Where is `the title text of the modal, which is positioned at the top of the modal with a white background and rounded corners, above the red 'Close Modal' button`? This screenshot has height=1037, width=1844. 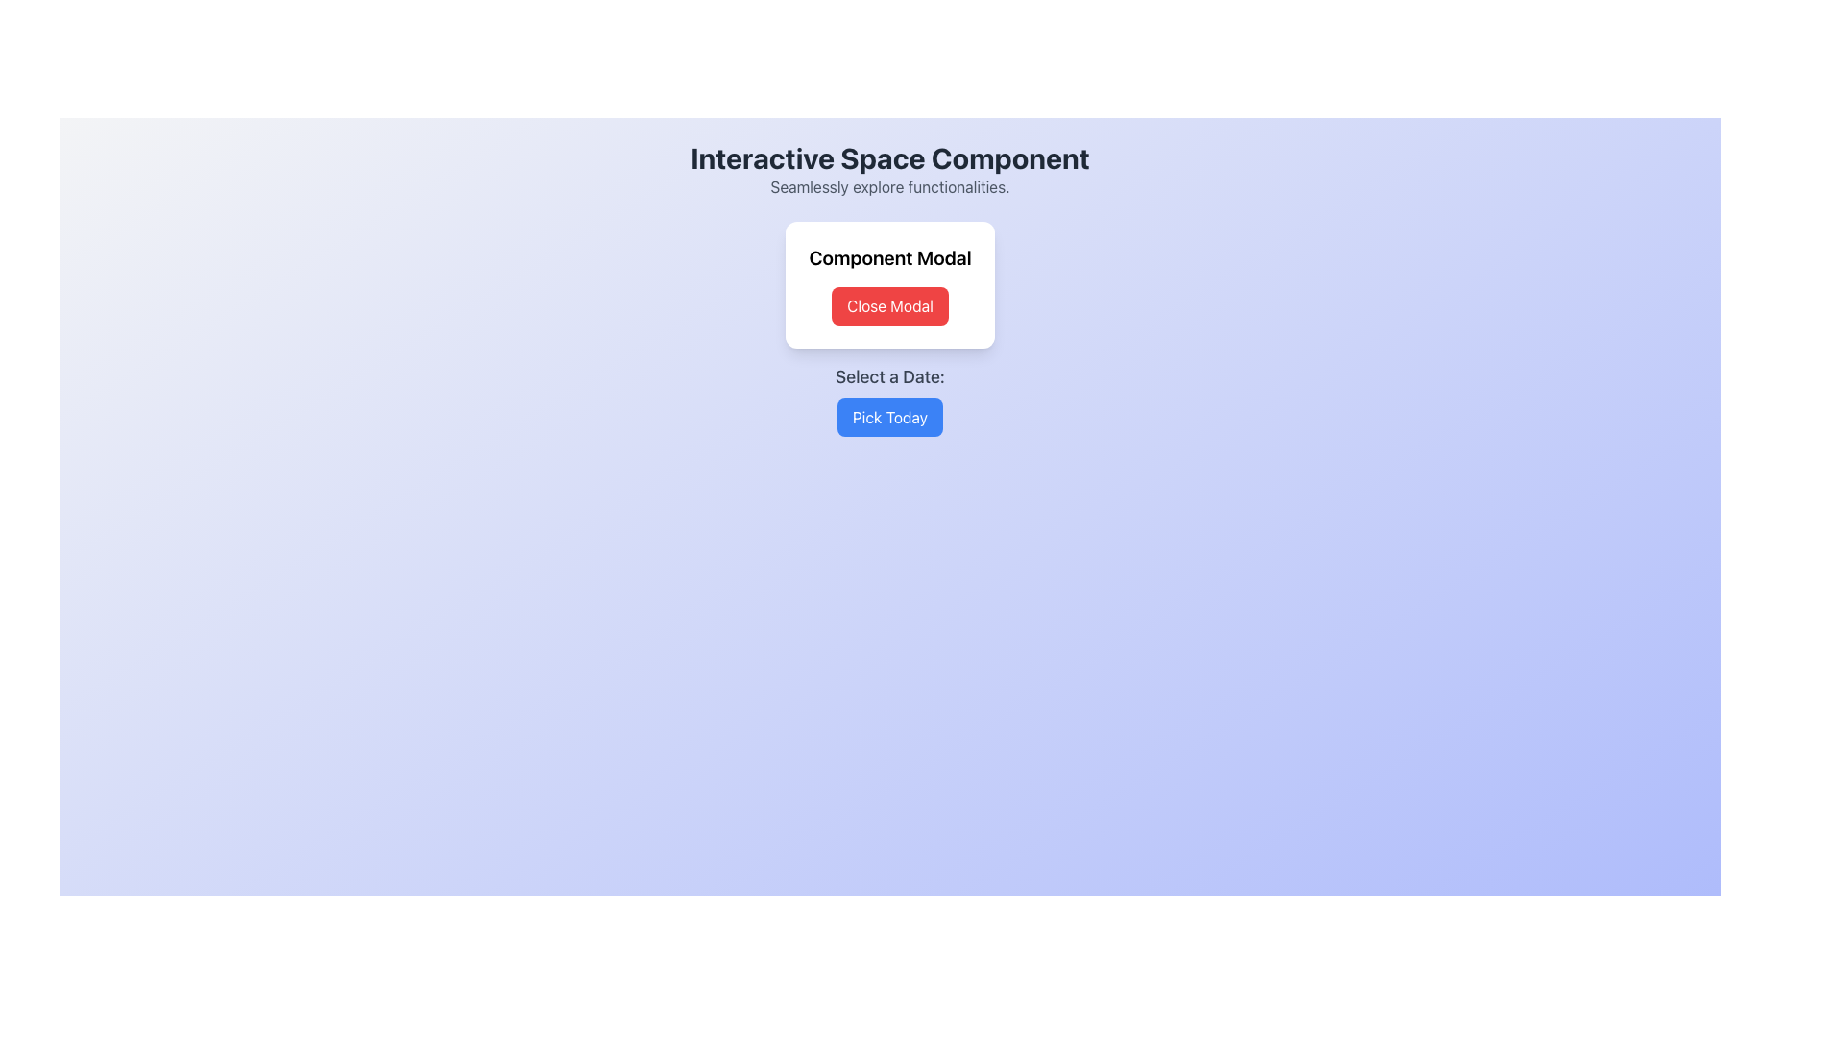
the title text of the modal, which is positioned at the top of the modal with a white background and rounded corners, above the red 'Close Modal' button is located at coordinates (888, 257).